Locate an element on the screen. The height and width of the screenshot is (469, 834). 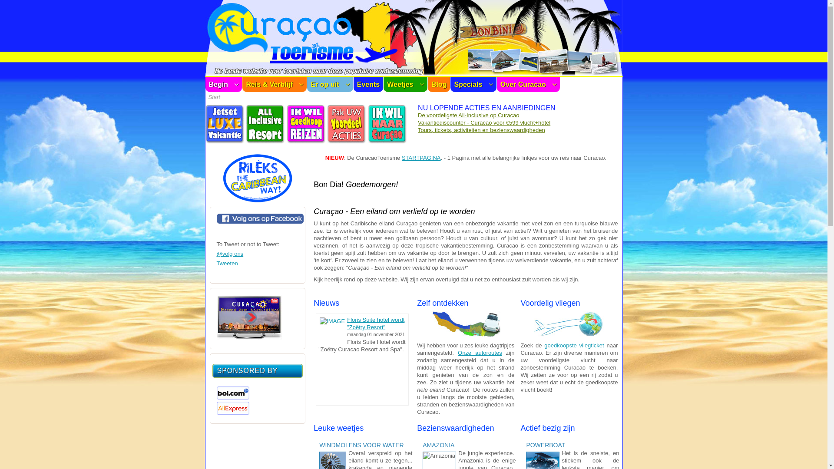
'Tours, tickets, activiteiten en bezienswaardigheden' is located at coordinates (481, 130).